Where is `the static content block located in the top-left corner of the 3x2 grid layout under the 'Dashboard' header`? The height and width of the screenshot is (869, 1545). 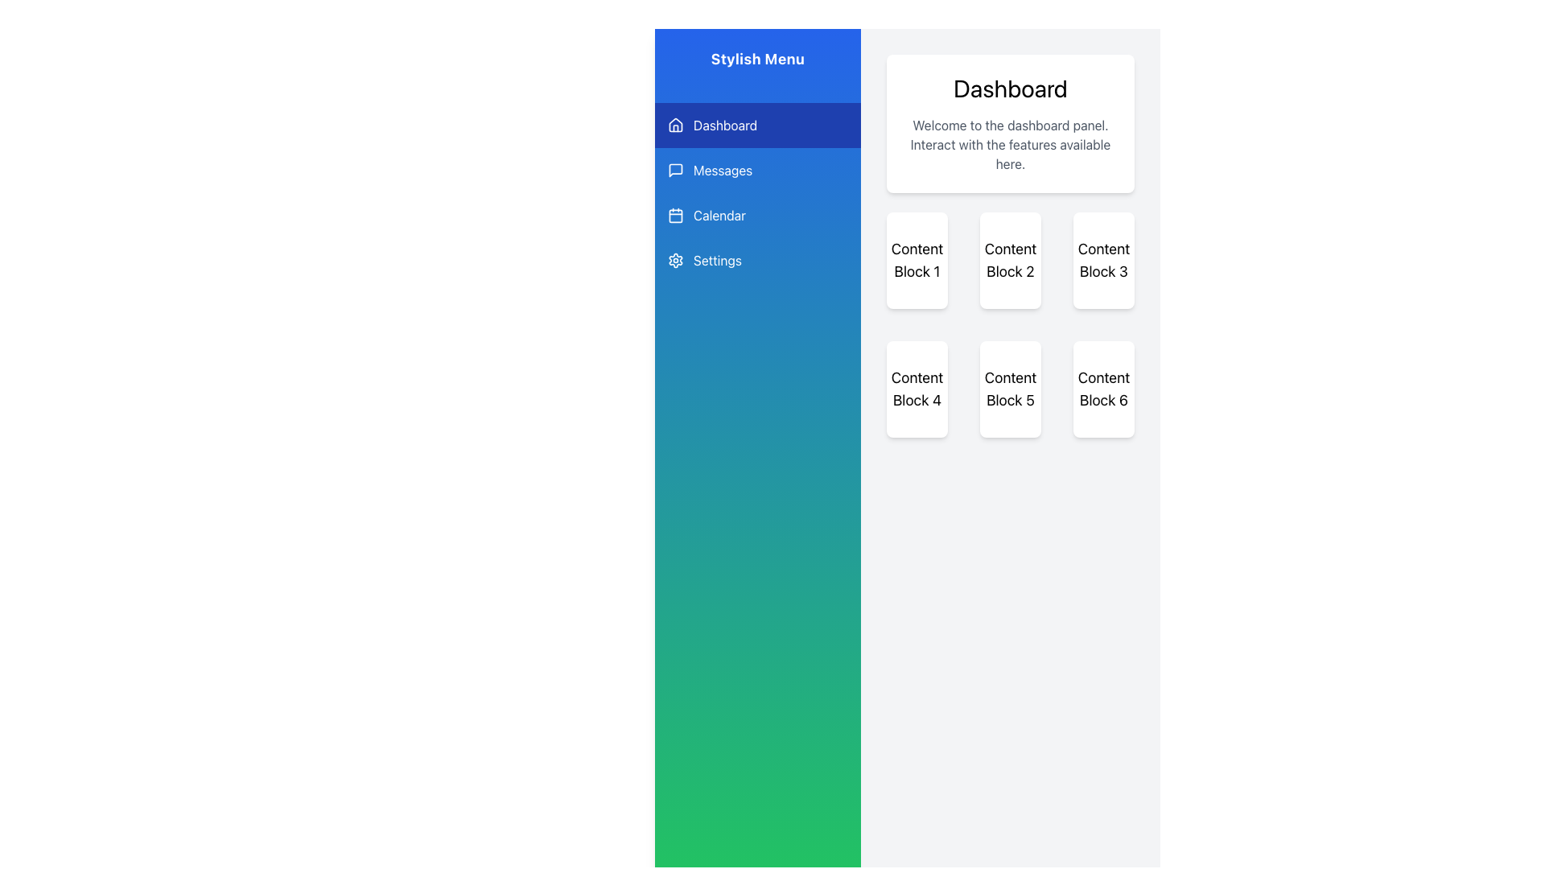
the static content block located in the top-left corner of the 3x2 grid layout under the 'Dashboard' header is located at coordinates (917, 260).